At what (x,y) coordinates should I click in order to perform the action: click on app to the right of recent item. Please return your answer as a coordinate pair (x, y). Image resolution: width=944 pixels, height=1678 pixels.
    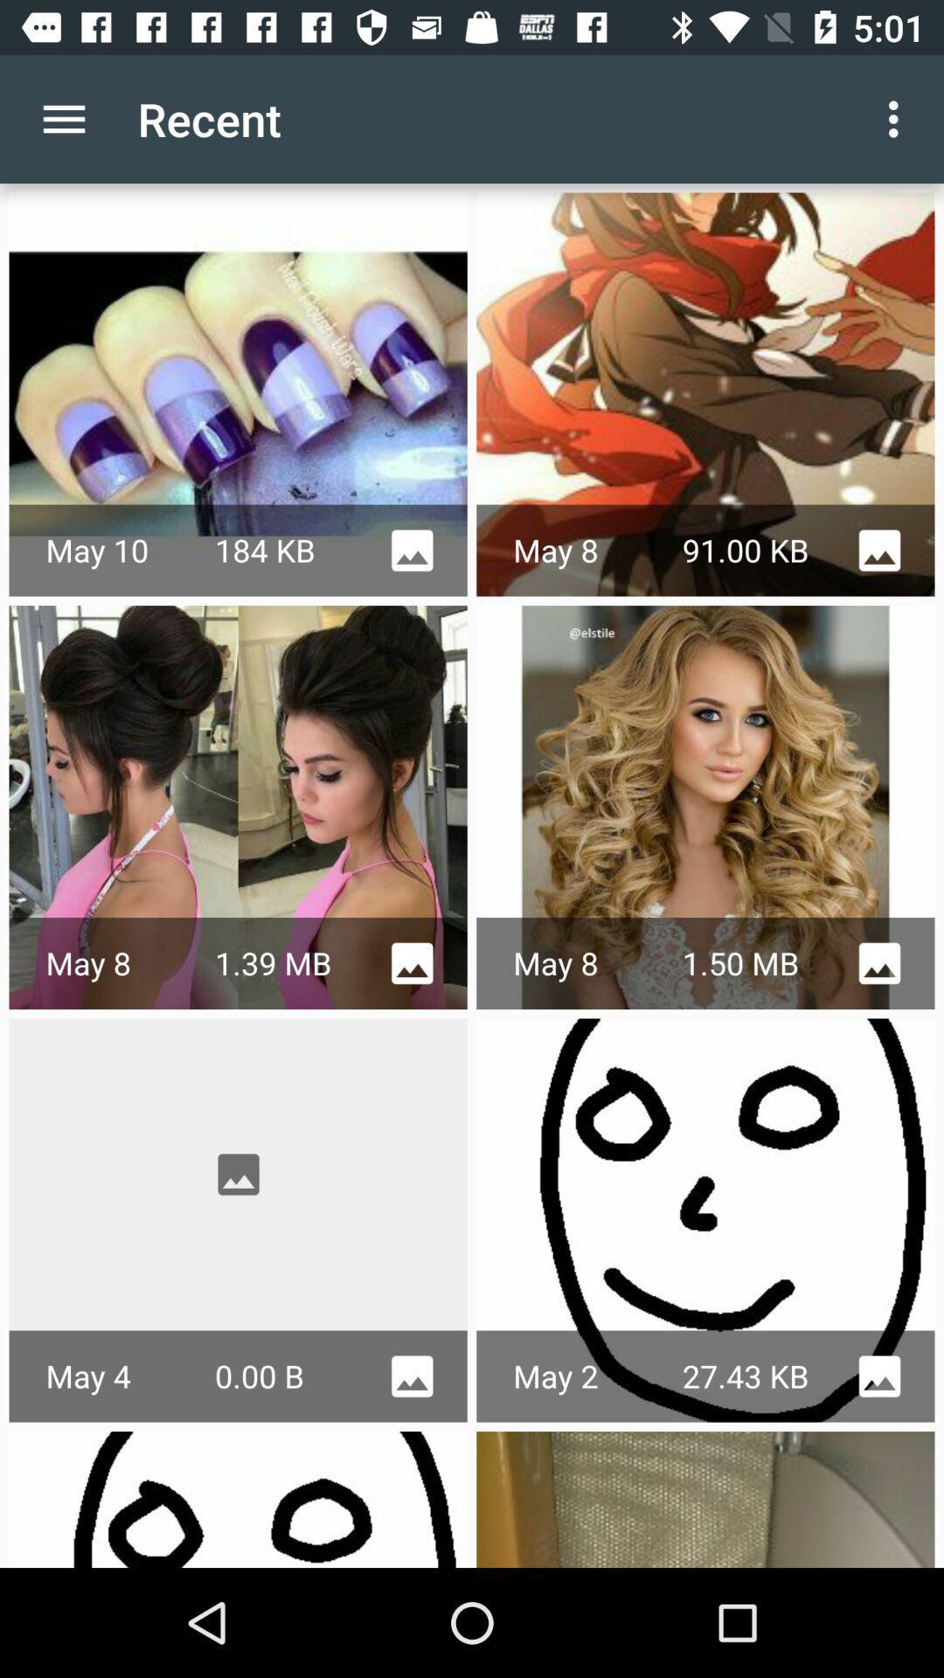
    Looking at the image, I should click on (898, 118).